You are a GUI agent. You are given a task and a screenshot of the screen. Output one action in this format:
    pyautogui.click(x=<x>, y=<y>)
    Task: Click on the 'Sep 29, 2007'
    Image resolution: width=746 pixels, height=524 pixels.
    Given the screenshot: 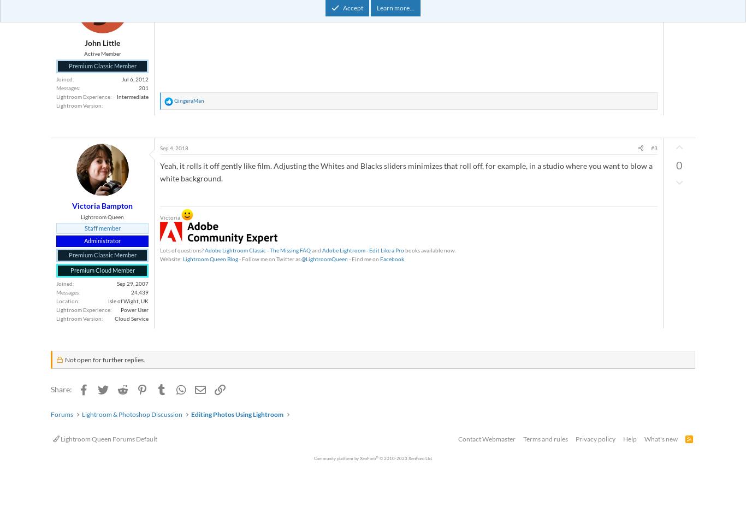 What is the action you would take?
    pyautogui.click(x=133, y=282)
    